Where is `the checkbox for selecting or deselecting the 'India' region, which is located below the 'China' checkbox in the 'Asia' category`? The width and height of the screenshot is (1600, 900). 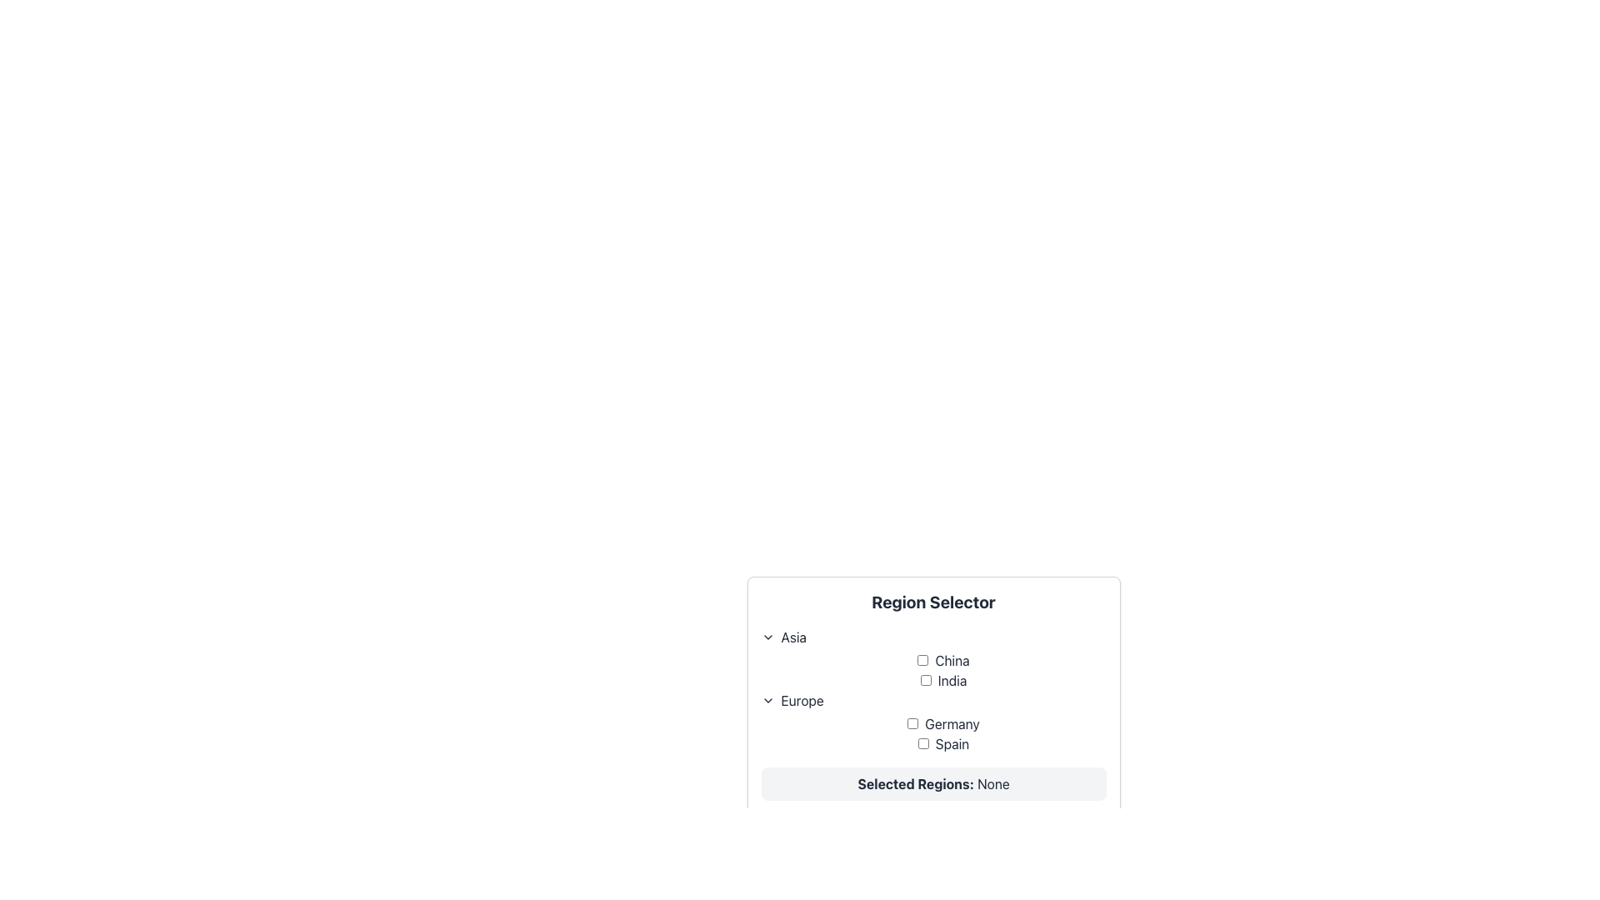 the checkbox for selecting or deselecting the 'India' region, which is located below the 'China' checkbox in the 'Asia' category is located at coordinates (925, 680).